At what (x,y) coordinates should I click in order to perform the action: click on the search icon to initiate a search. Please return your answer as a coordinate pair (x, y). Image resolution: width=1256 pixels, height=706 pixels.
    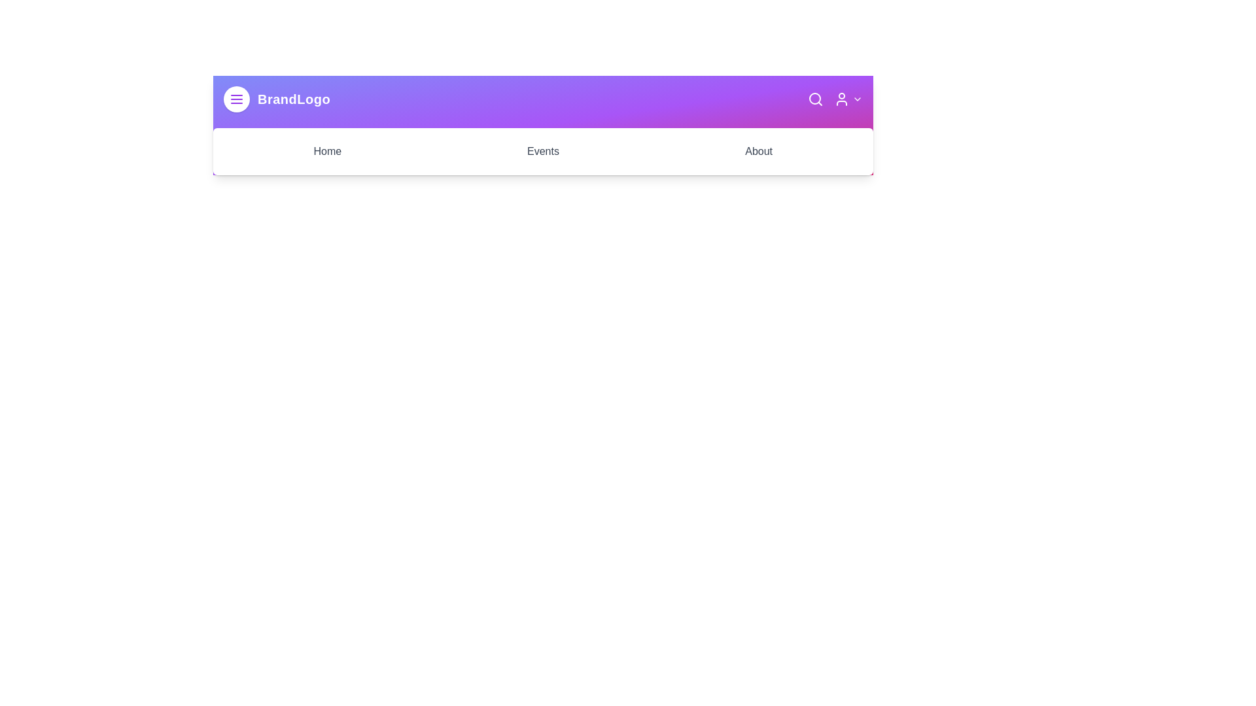
    Looking at the image, I should click on (815, 98).